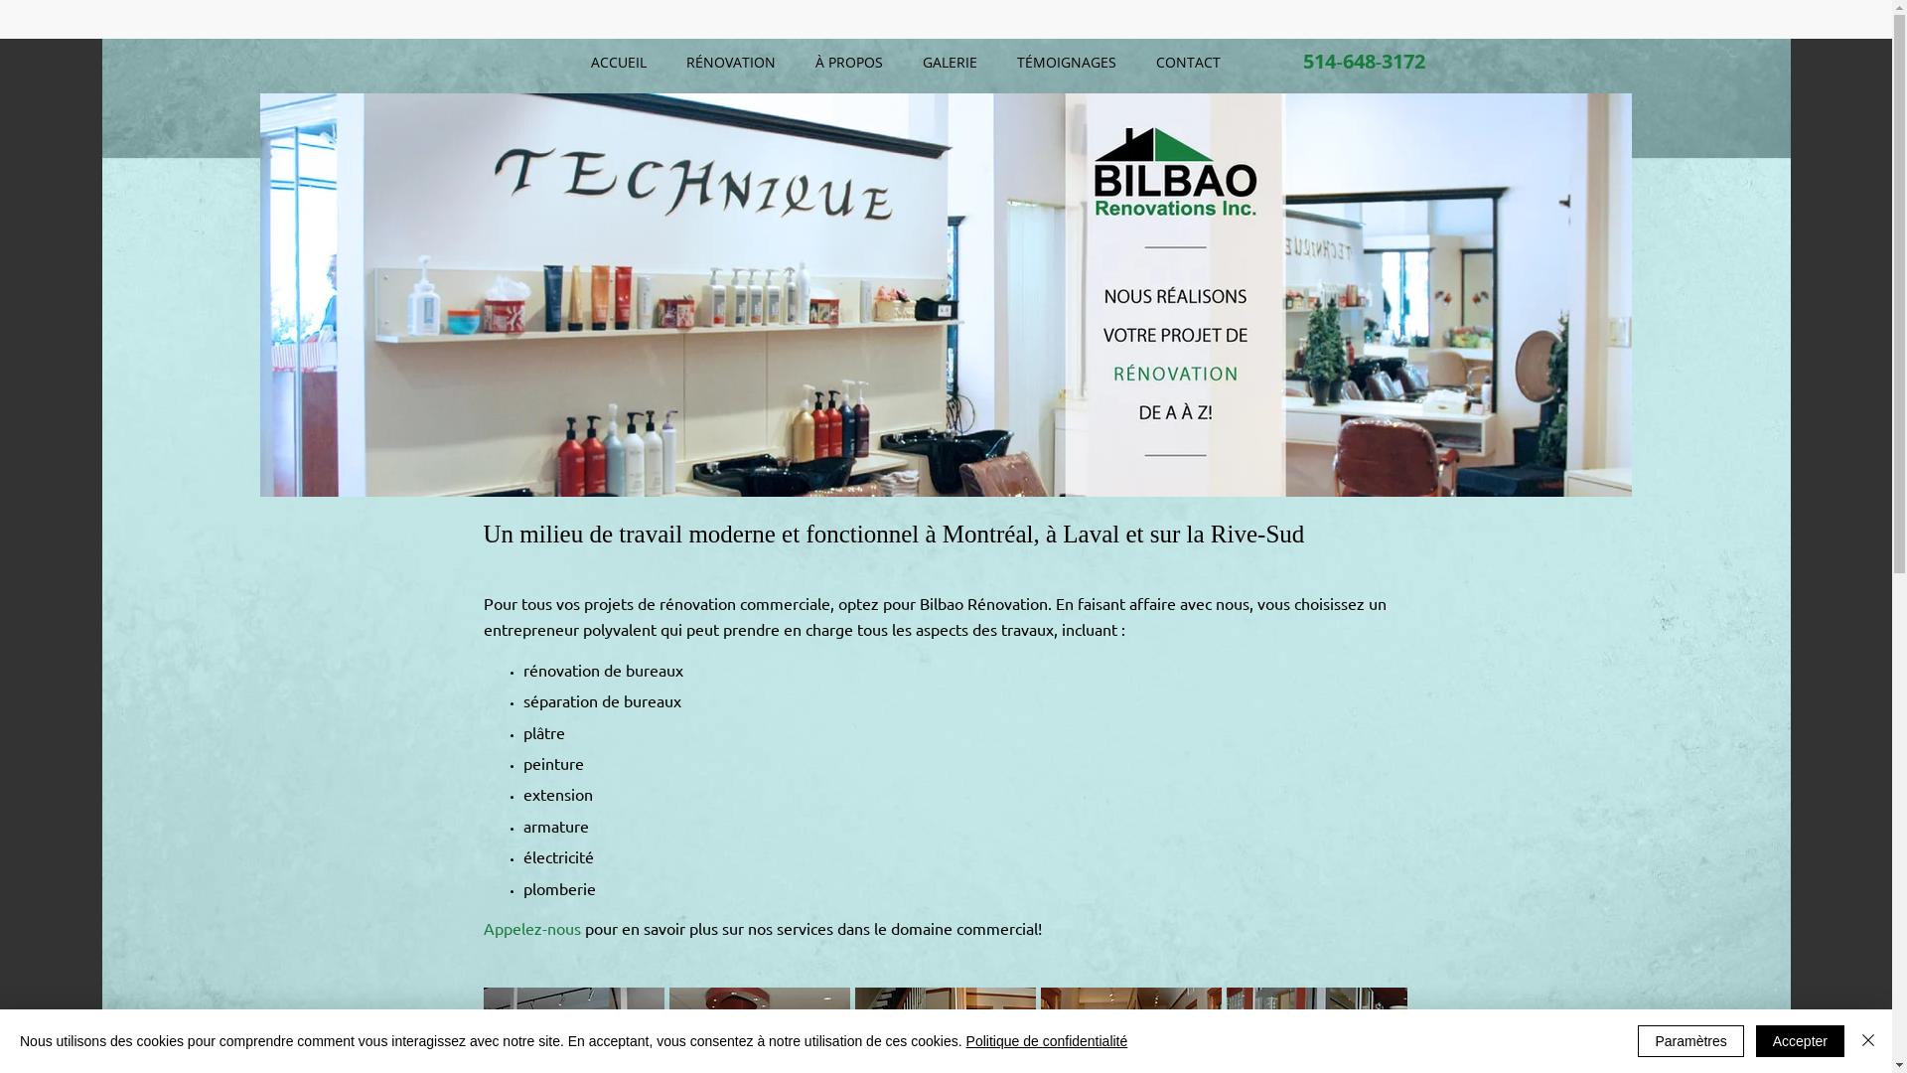 This screenshot has width=1907, height=1073. Describe the element at coordinates (530, 927) in the screenshot. I see `'Appelez-nous'` at that location.